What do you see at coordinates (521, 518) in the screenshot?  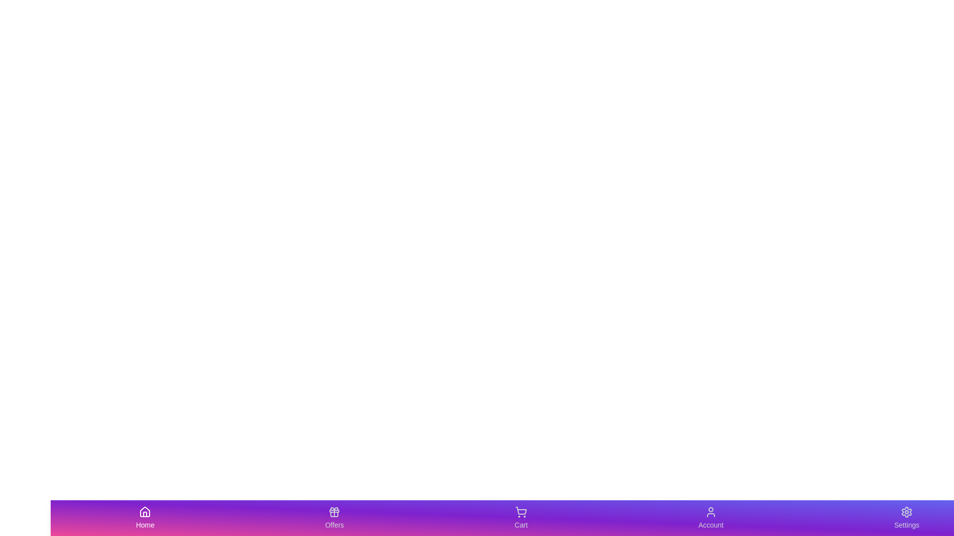 I see `the tab labeled Cart` at bounding box center [521, 518].